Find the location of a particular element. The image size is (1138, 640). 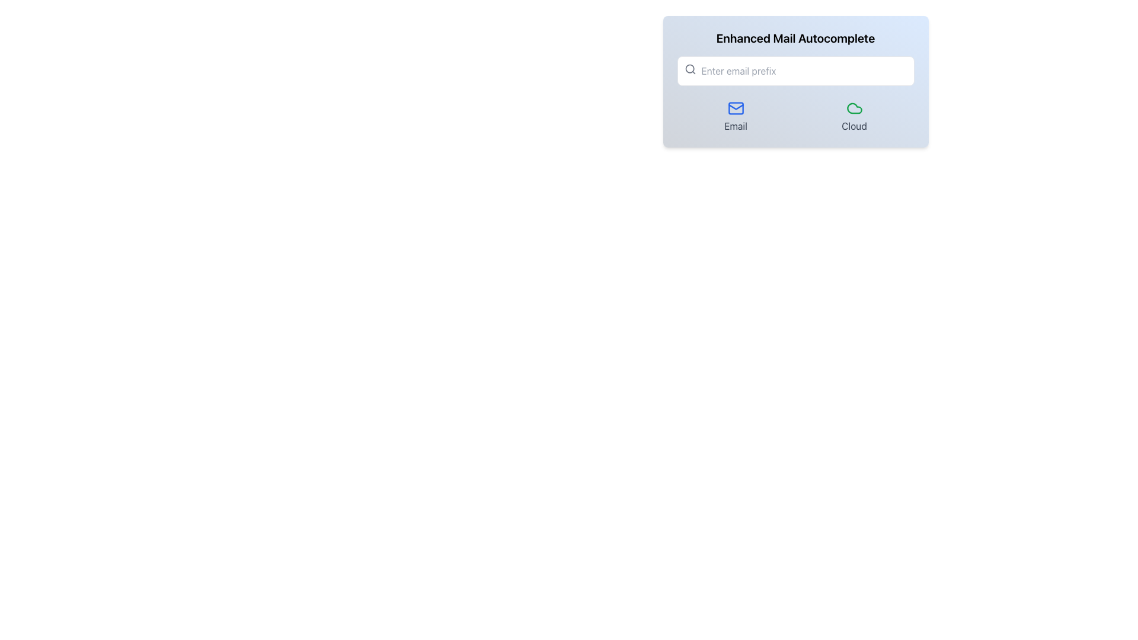

the blue mail icon, which is represented by an envelope with a blue outline and is positioned above the text label 'Email' is located at coordinates (735, 108).